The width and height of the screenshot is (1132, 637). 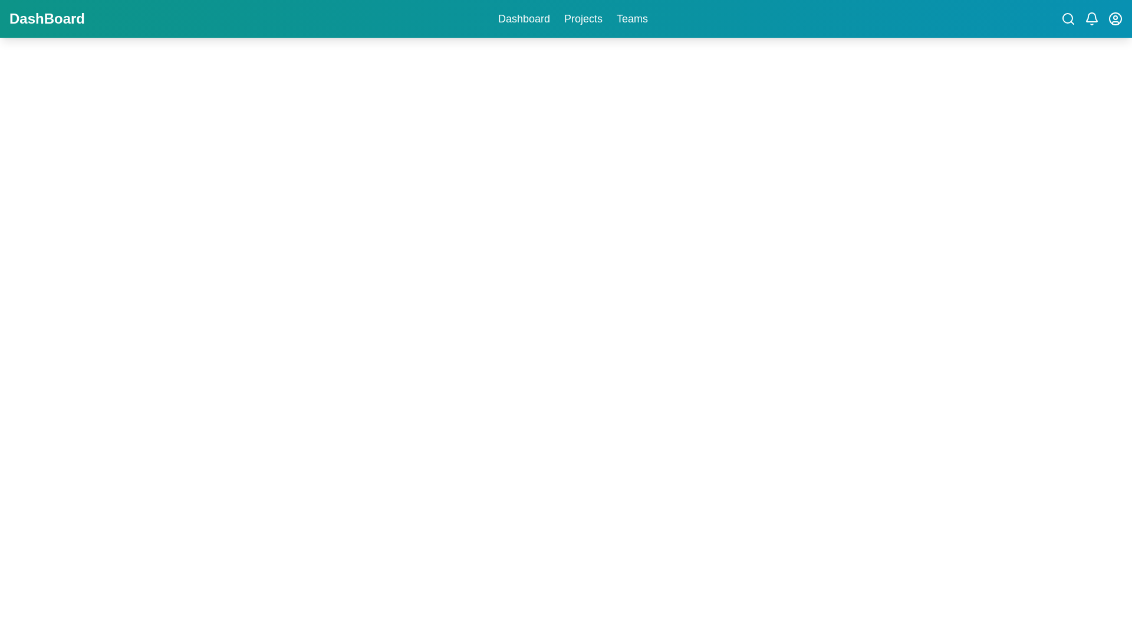 What do you see at coordinates (1091, 18) in the screenshot?
I see `the bell-shaped icon located at the top-right corner of the layout bar to change its color` at bounding box center [1091, 18].